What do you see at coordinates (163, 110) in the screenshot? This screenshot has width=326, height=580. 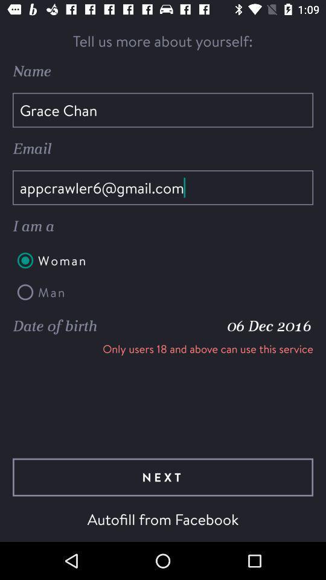 I see `the icon above the email item` at bounding box center [163, 110].